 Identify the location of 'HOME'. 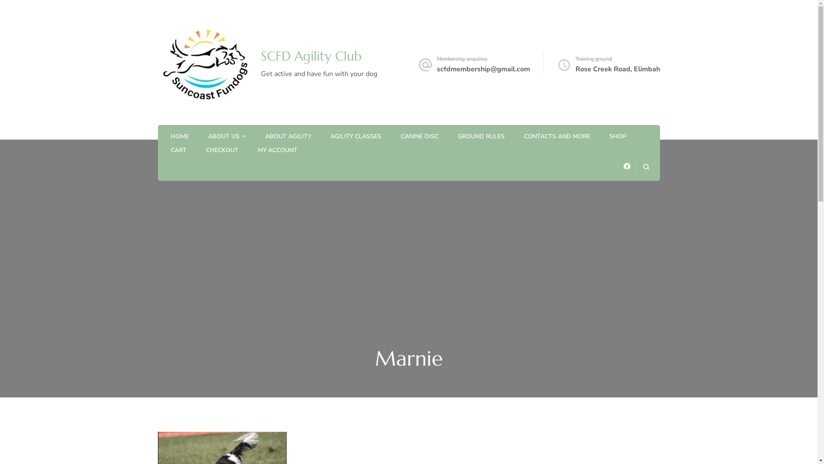
(179, 137).